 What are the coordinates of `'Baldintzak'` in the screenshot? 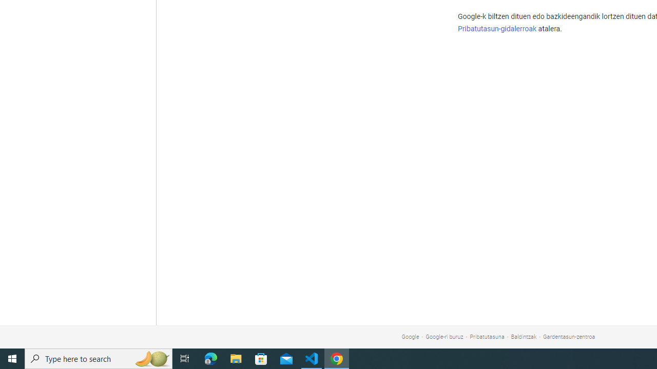 It's located at (524, 337).